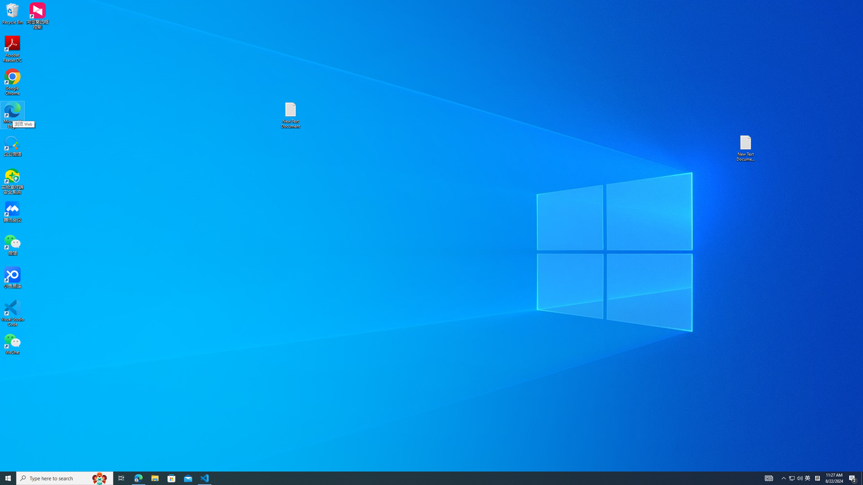 The height and width of the screenshot is (485, 863). Describe the element at coordinates (12, 343) in the screenshot. I see `'WeChat'` at that location.